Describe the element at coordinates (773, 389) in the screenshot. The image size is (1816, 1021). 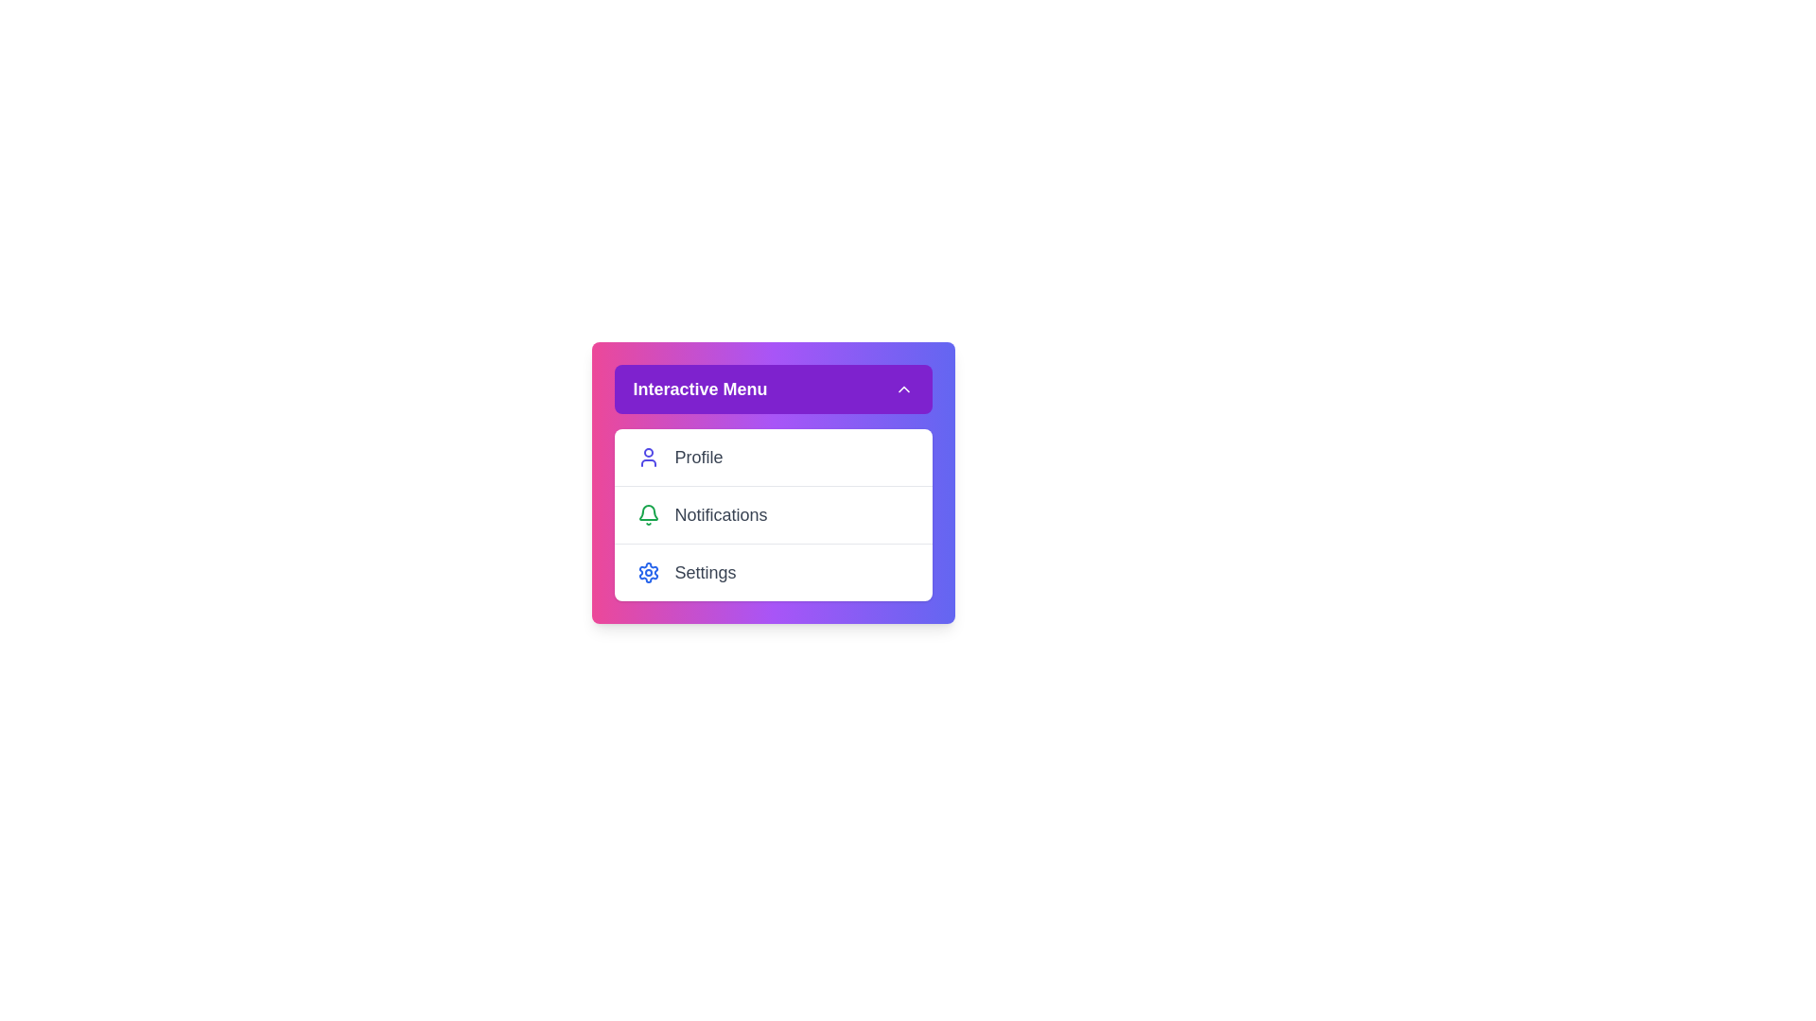
I see `the 'Interactive Menu' button to toggle the menu visibility` at that location.